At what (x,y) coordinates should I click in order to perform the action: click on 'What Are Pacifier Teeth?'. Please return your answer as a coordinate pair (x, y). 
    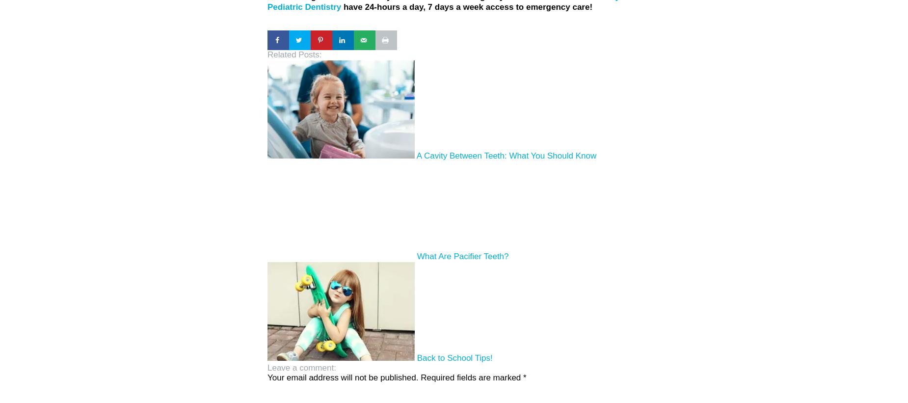
    Looking at the image, I should click on (441, 237).